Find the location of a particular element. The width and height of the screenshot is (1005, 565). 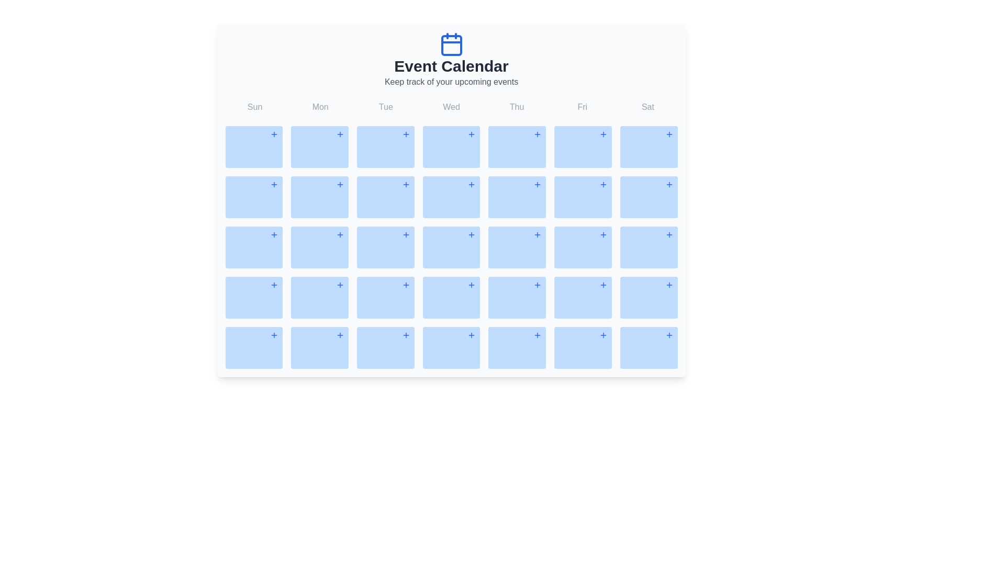

the 'add' button located in the fifth column of the fourth row within a blue square cell in the calendar interface is located at coordinates (603, 184).